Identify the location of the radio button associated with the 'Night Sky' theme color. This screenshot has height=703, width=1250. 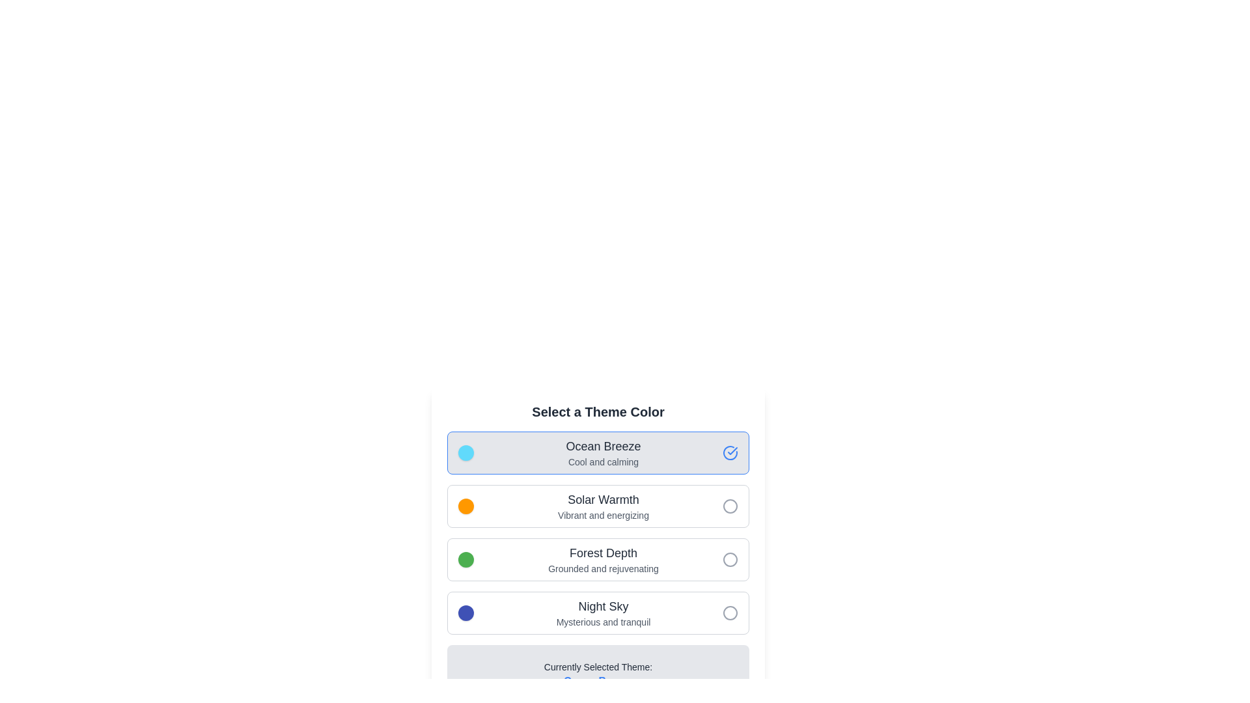
(730, 613).